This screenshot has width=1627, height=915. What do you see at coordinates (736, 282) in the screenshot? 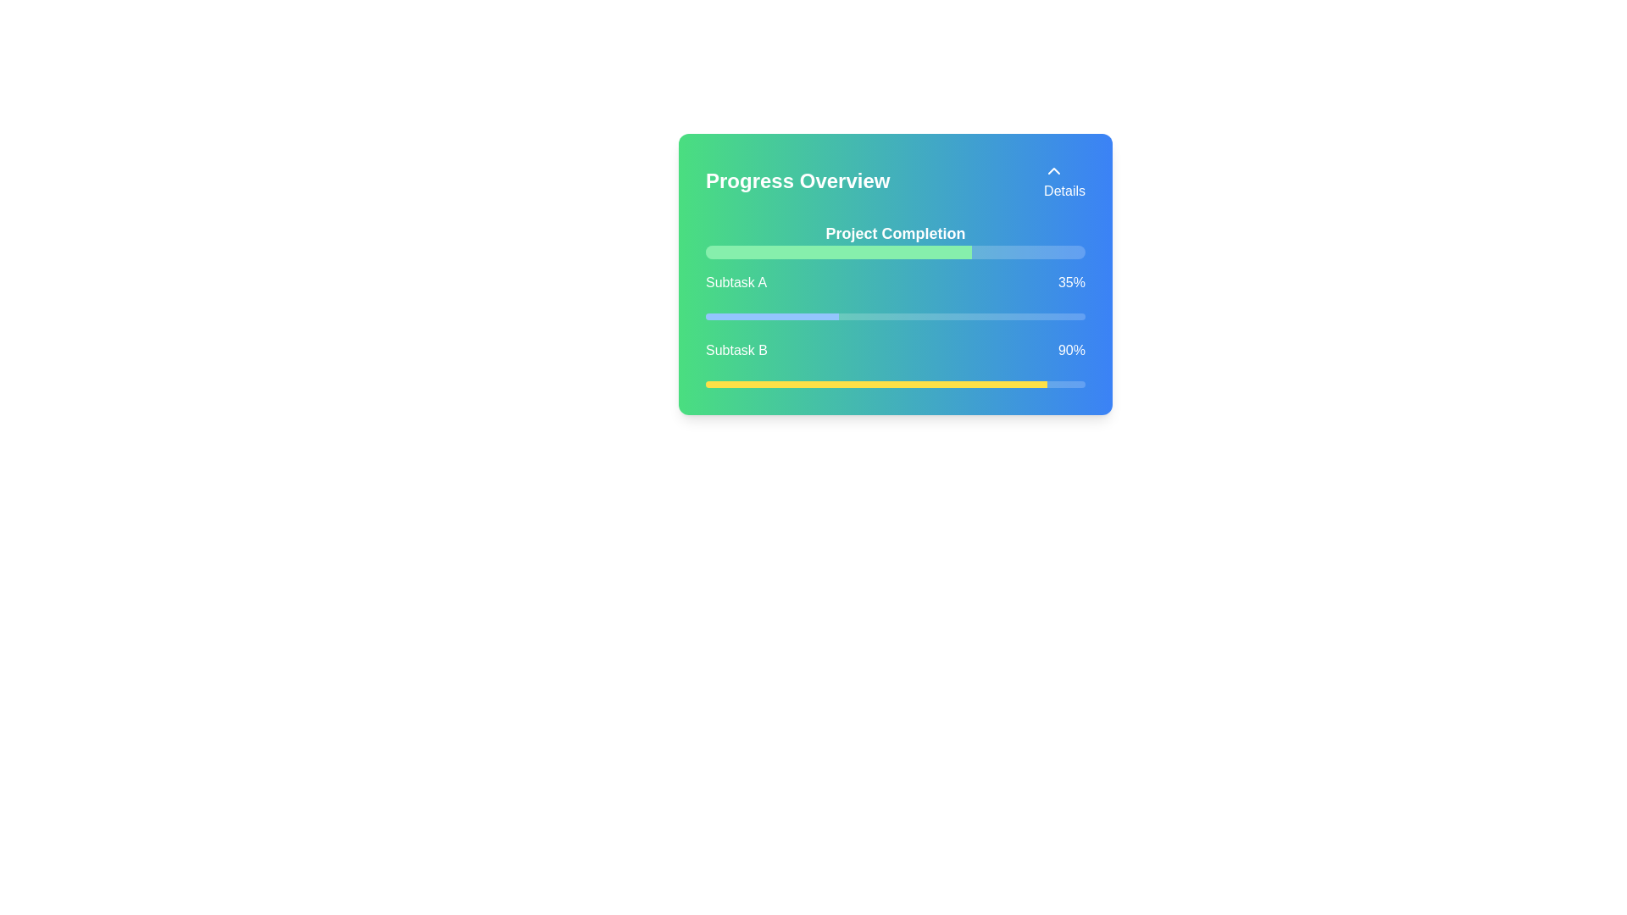
I see `the descriptive label for 'Subtask A 35%' located on the left side of the progress overview section` at bounding box center [736, 282].